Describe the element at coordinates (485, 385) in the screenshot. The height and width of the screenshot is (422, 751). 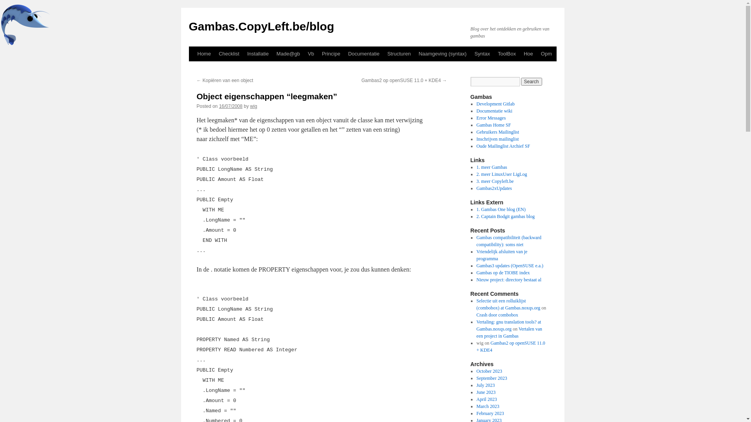
I see `'July 2023'` at that location.